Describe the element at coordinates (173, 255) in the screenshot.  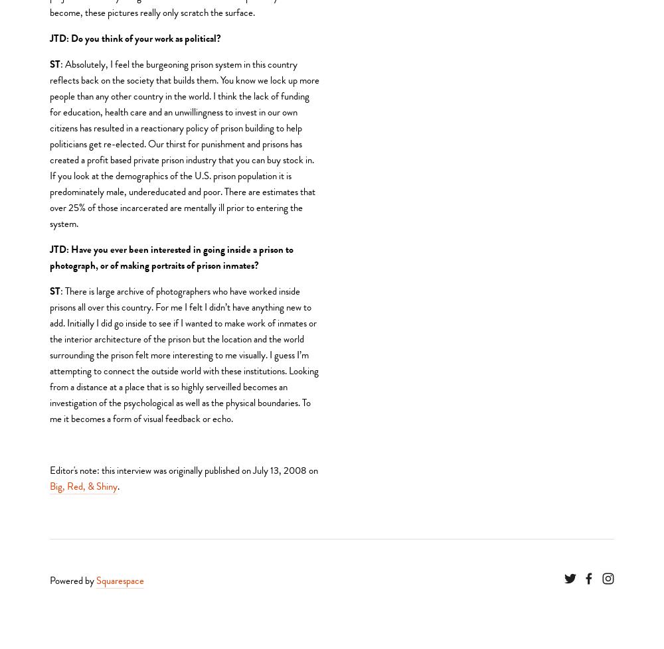
I see `'JTD: Have you ever been interested in going inside a prison to photograph, or of making portraits of prison inmates?'` at that location.